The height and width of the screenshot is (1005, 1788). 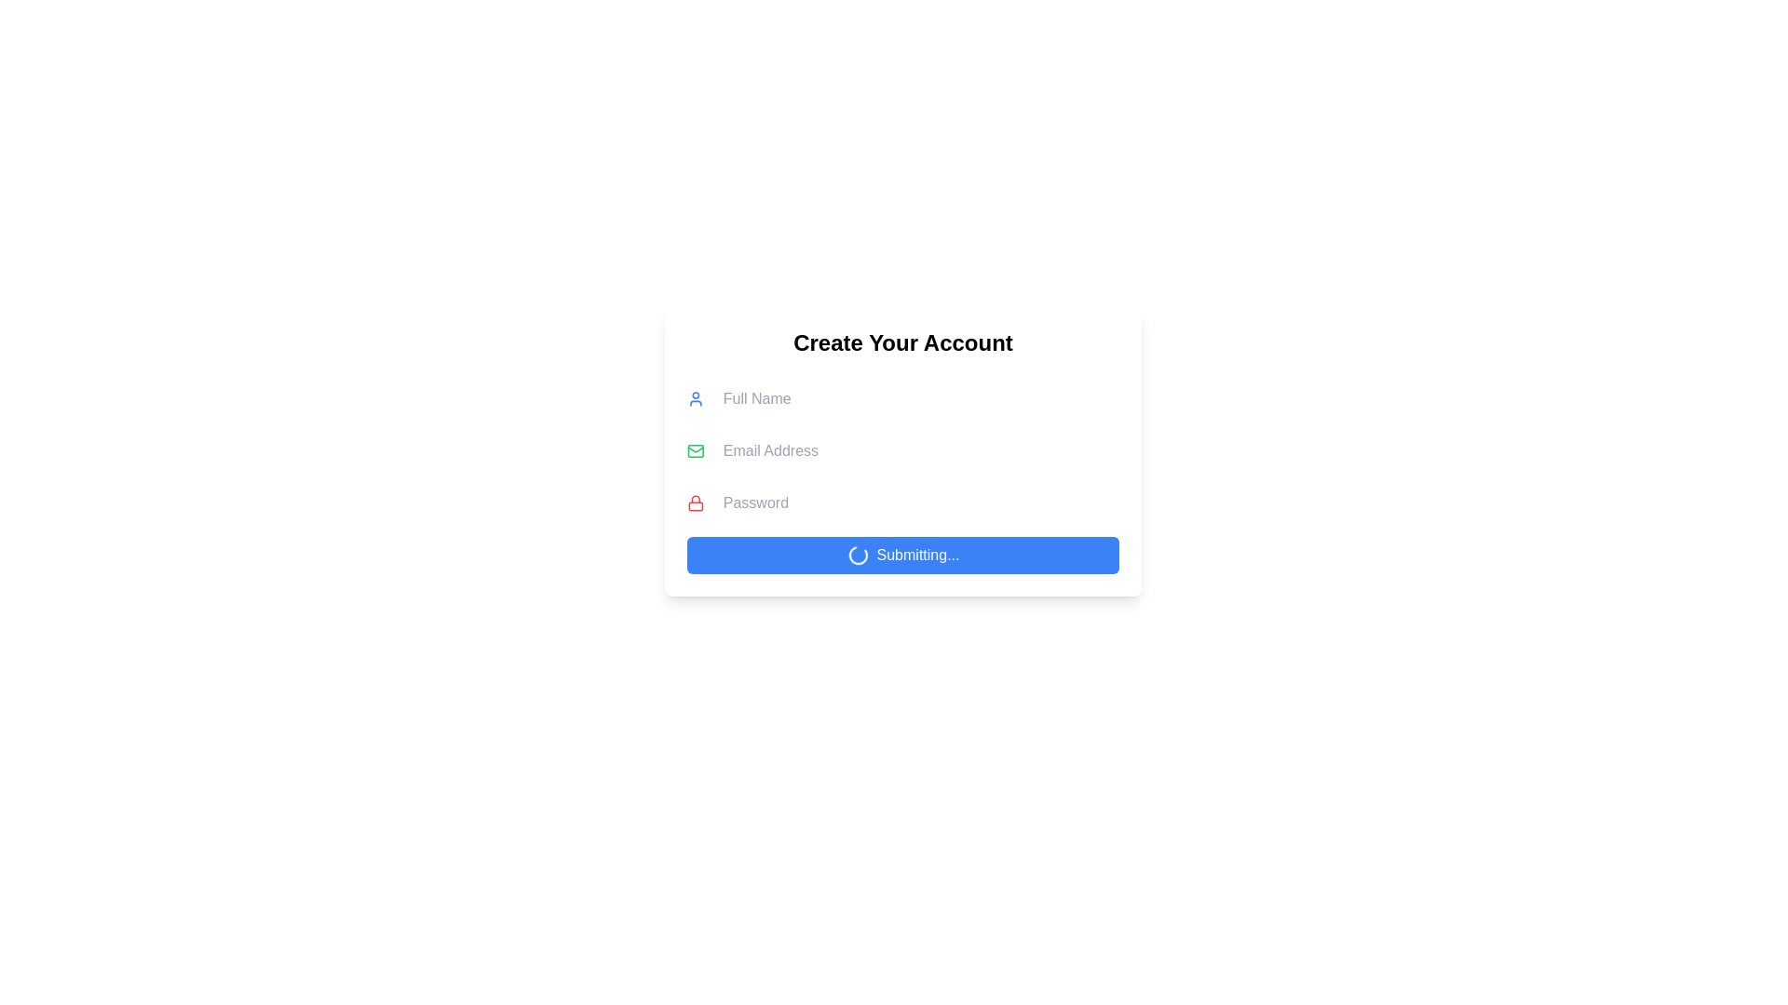 I want to click on the blue button labeled 'Submitting...' that contains a spinning loader icon, located at the bottom of a form, so click(x=902, y=555).